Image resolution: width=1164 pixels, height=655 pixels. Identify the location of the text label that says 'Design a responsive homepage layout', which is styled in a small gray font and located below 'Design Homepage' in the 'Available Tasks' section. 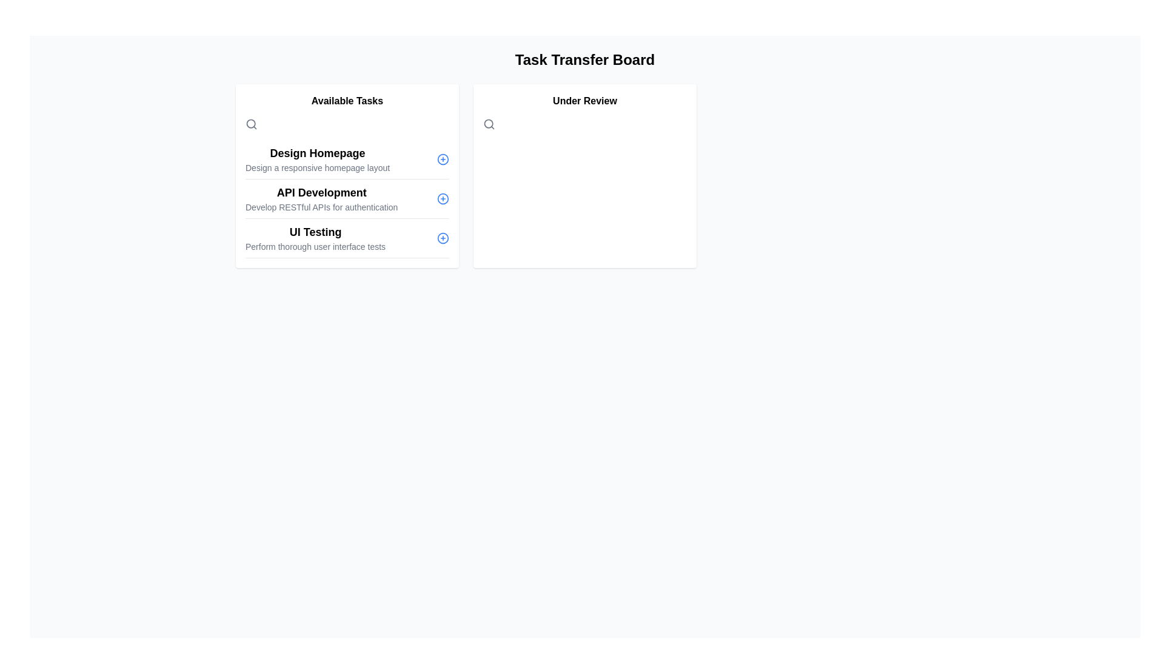
(318, 168).